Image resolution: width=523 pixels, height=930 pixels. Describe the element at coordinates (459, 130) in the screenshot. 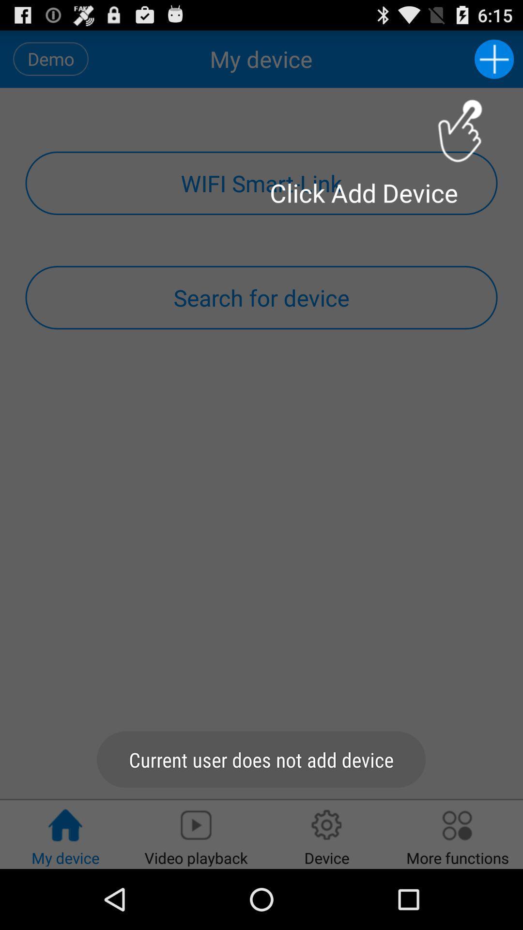

I see `instruction icon just above click add device` at that location.